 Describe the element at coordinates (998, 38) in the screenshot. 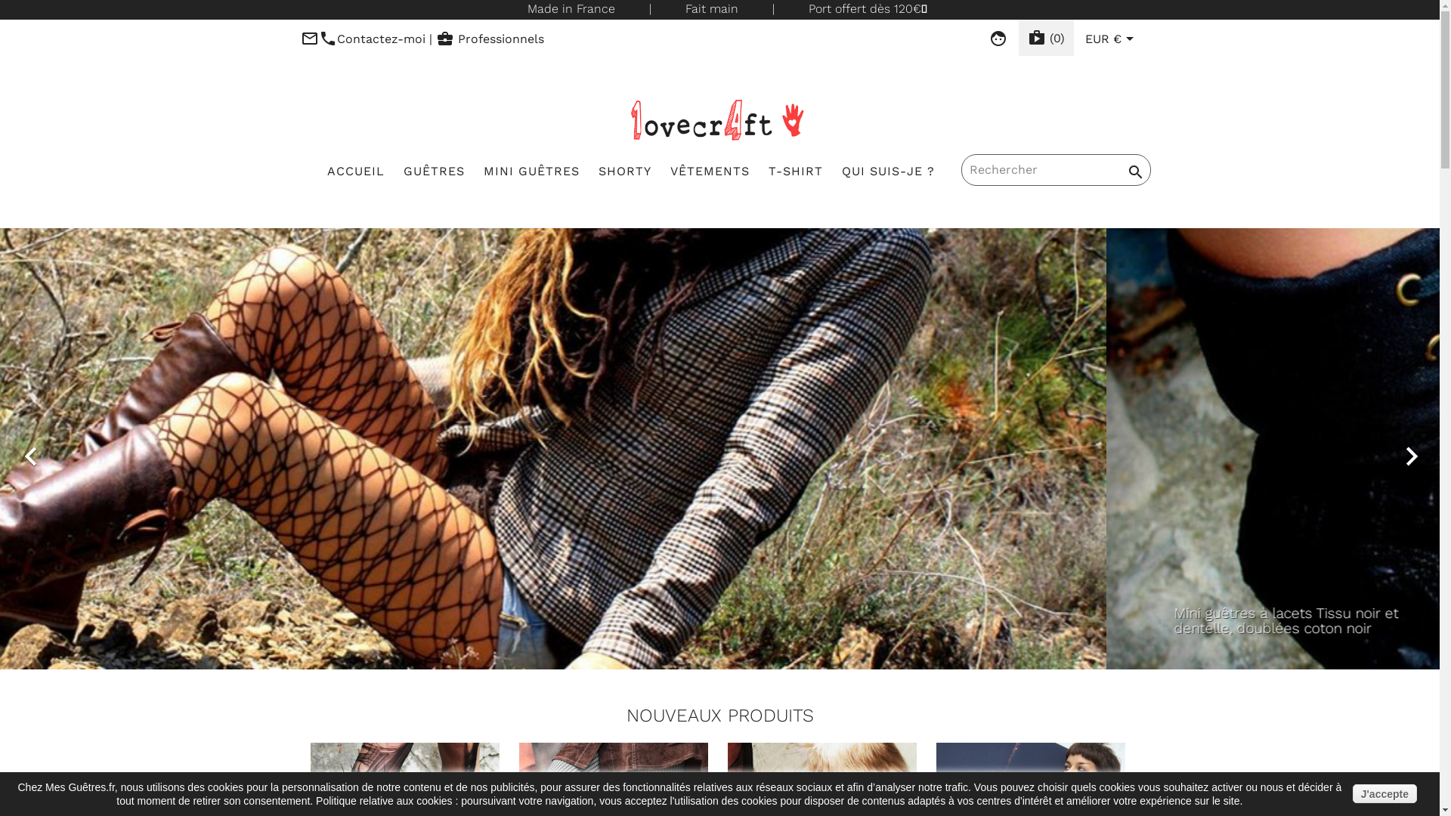

I see `'face'` at that location.